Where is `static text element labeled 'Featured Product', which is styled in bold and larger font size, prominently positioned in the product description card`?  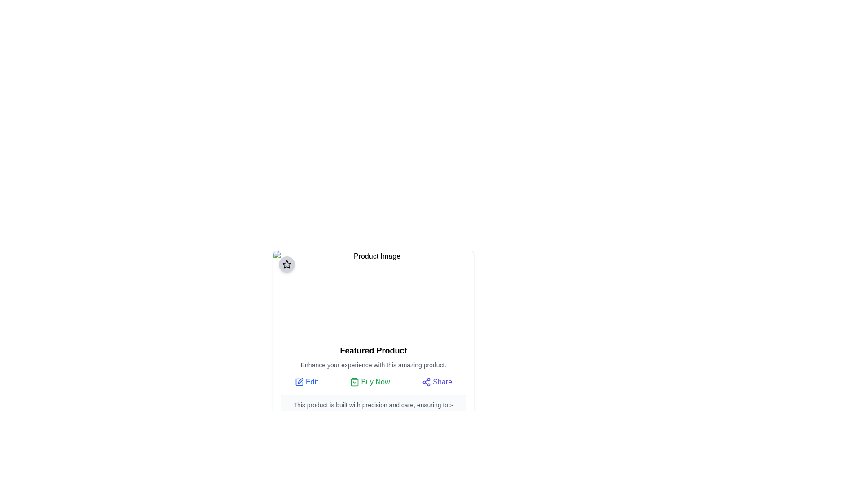
static text element labeled 'Featured Product', which is styled in bold and larger font size, prominently positioned in the product description card is located at coordinates (373, 350).